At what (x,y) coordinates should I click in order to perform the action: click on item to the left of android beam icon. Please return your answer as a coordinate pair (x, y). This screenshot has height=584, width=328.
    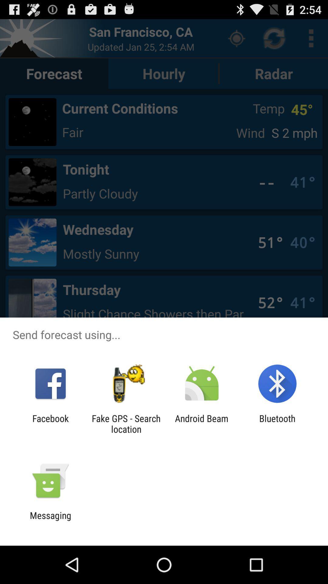
    Looking at the image, I should click on (126, 423).